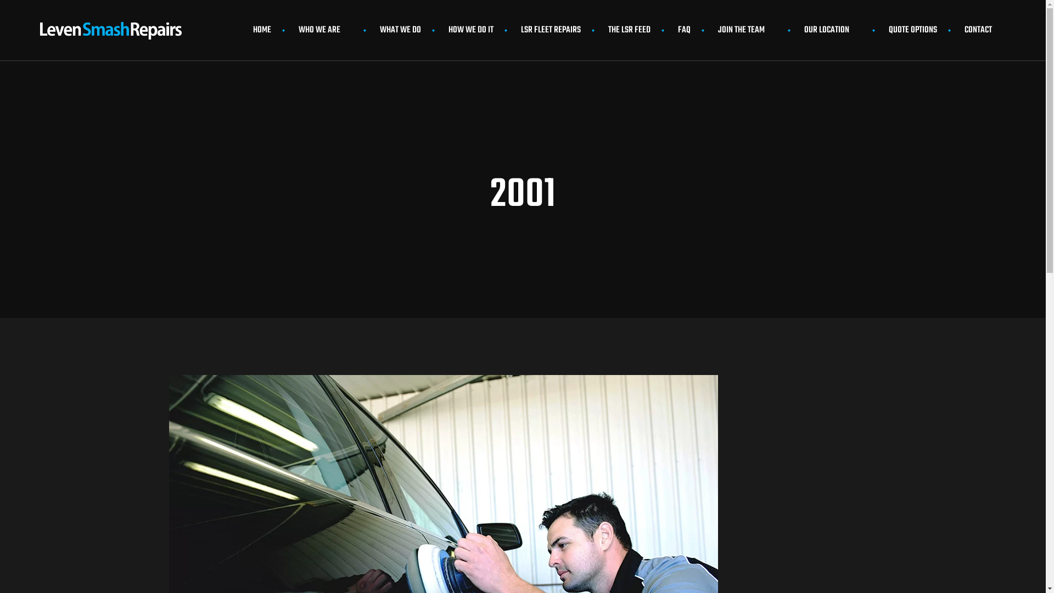  What do you see at coordinates (400, 29) in the screenshot?
I see `'WHAT WE DO'` at bounding box center [400, 29].